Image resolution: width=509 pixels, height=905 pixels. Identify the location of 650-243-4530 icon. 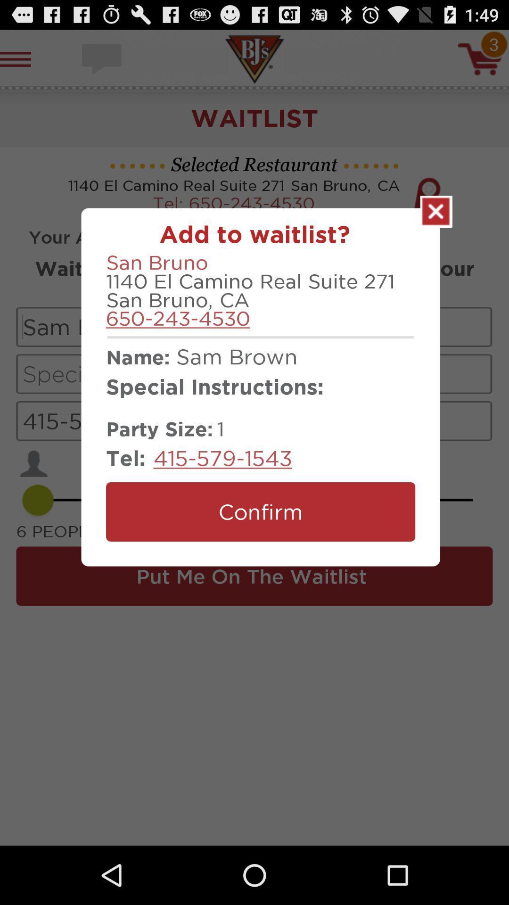
(178, 318).